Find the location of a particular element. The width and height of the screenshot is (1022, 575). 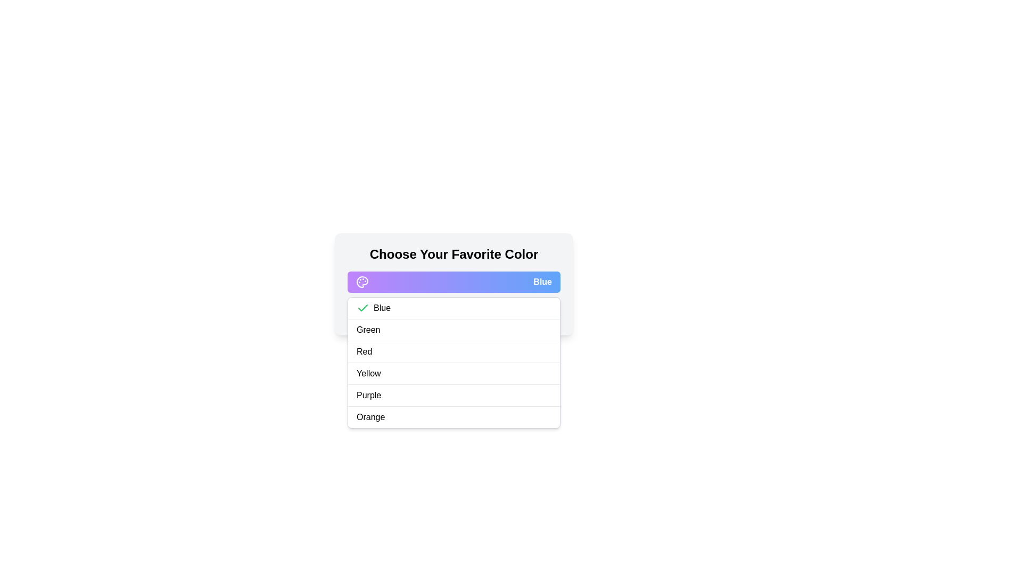

the decorative icon representing the color selection section, located to the left of the title 'Choose Your Favorite Color' is located at coordinates (362, 281).